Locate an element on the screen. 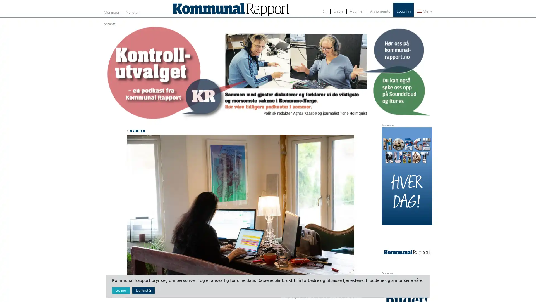  Jeg forstar is located at coordinates (143, 290).